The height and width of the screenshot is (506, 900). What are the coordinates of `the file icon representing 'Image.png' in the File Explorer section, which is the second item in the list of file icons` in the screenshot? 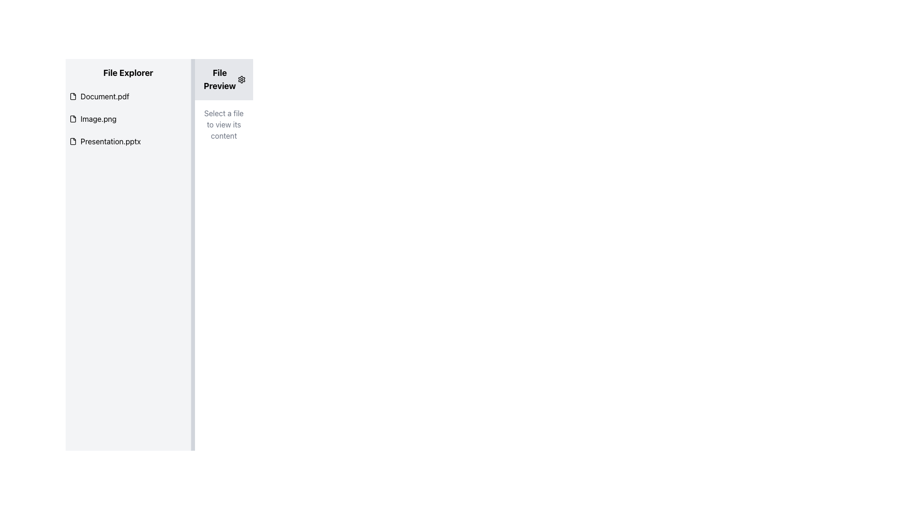 It's located at (73, 118).